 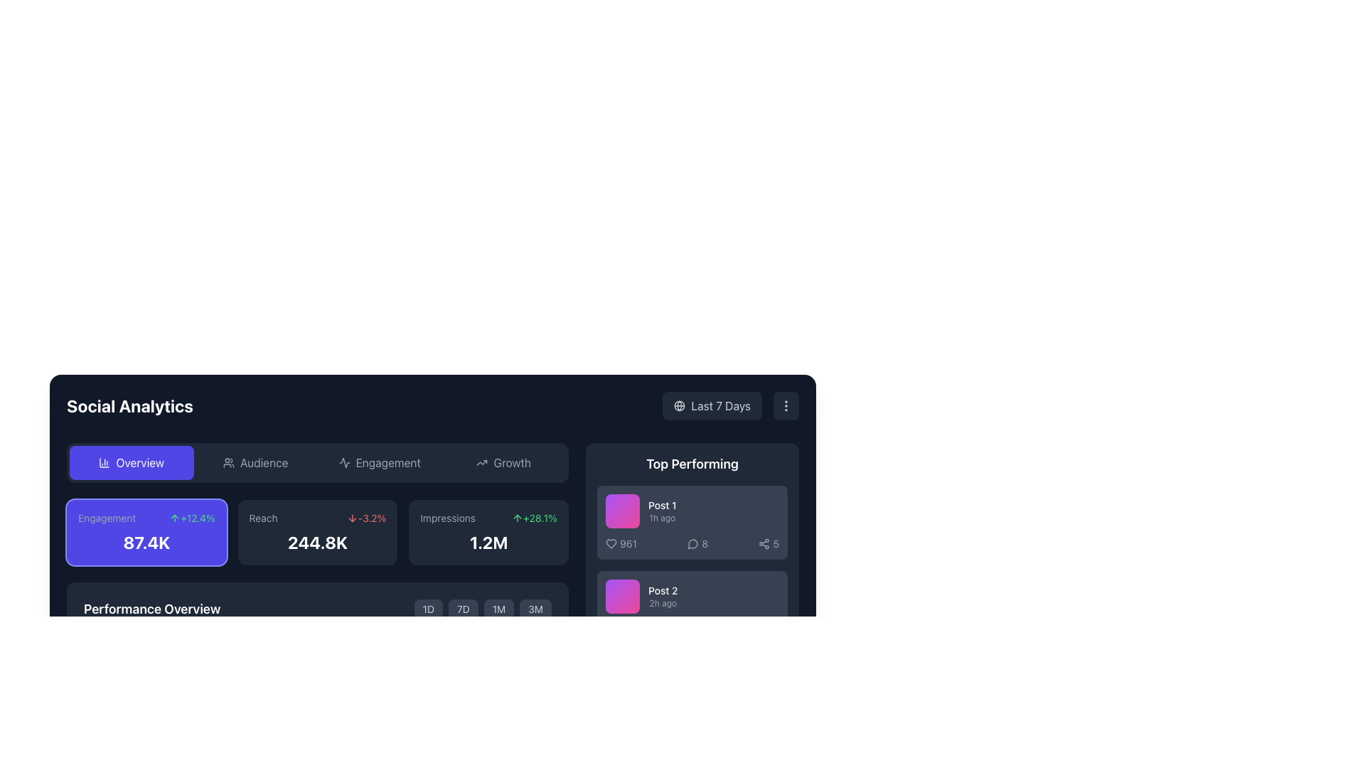 I want to click on the text label within the button component that serves as a navigation label for accessing the overview section, located at the top section of the page, so click(x=140, y=463).